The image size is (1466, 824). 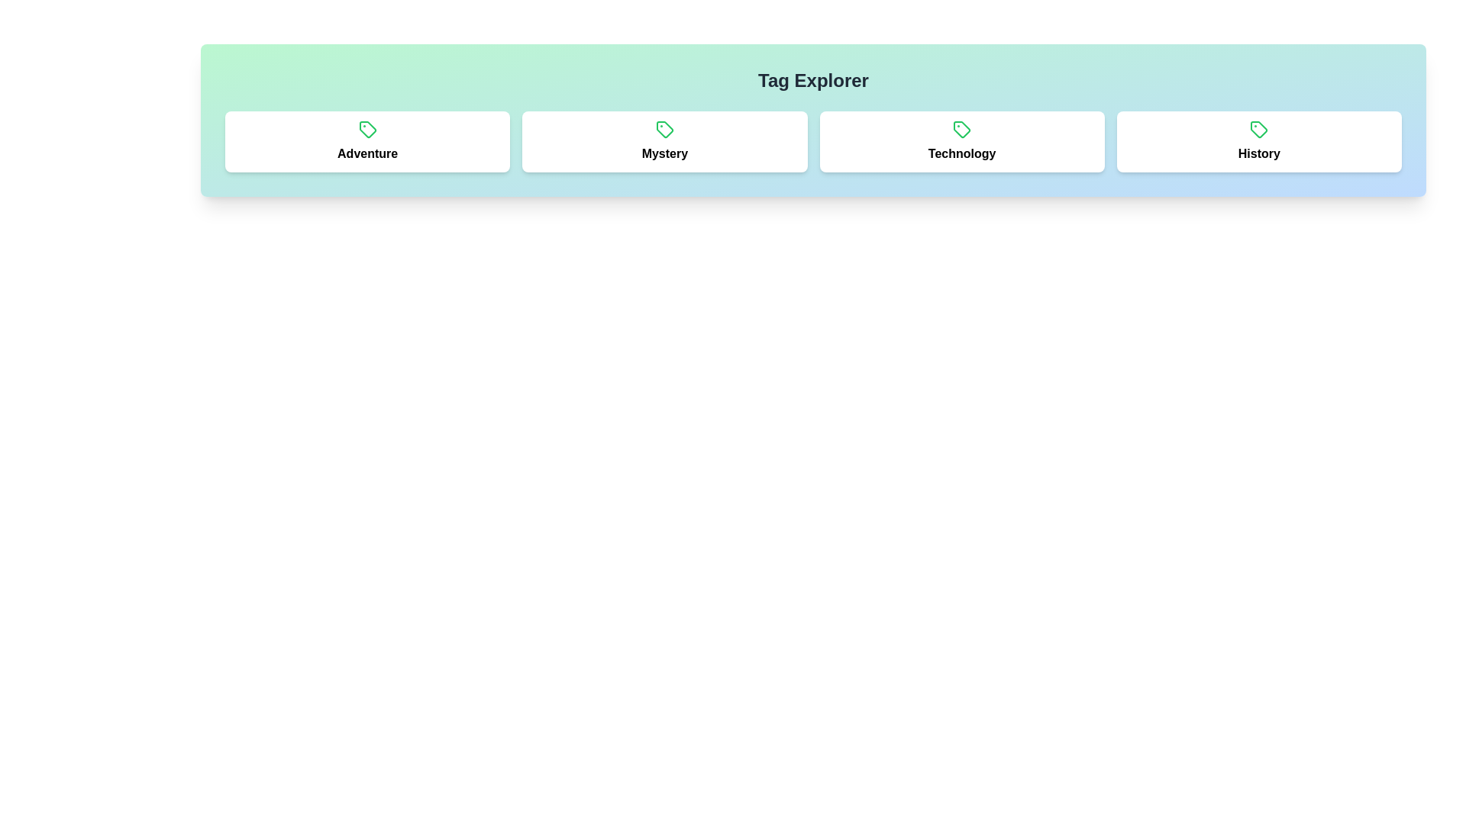 What do you see at coordinates (961, 128) in the screenshot?
I see `the green outlined tag icon located above the 'Technology' label` at bounding box center [961, 128].